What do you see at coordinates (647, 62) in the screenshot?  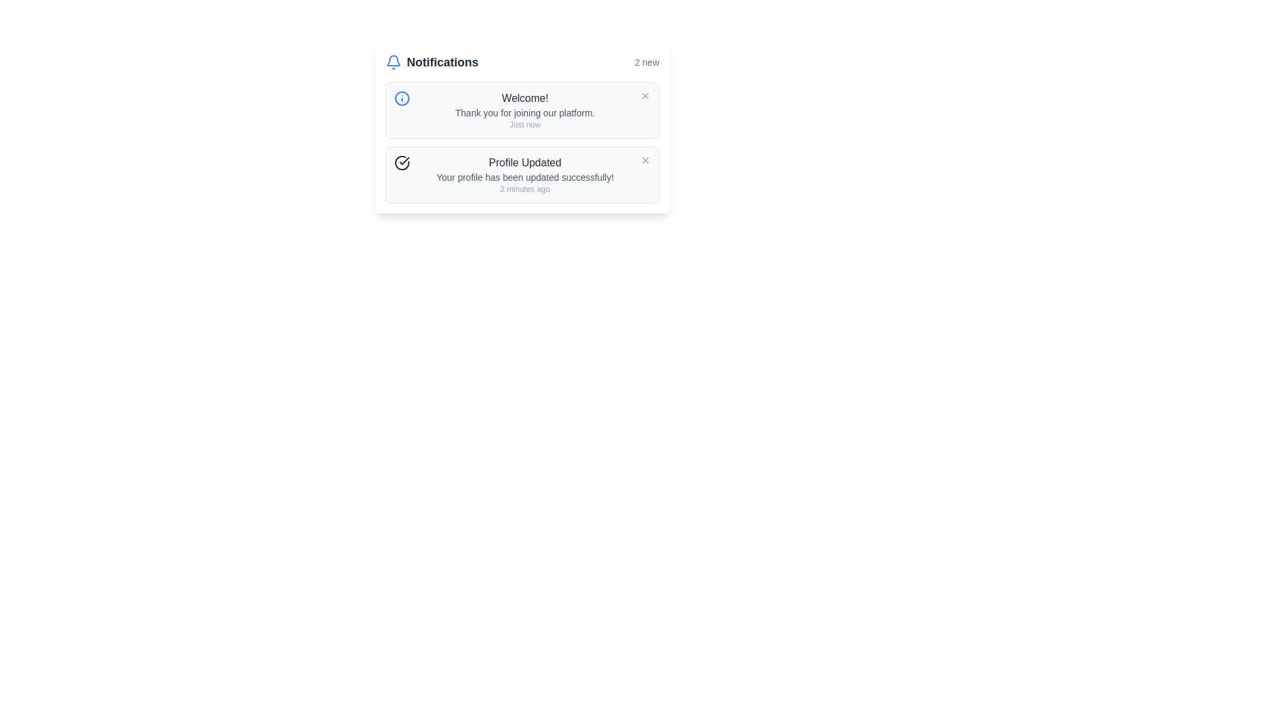 I see `the notification counter text label, which is located at the far-right corner of the header section and indicates the number of new notifications available` at bounding box center [647, 62].